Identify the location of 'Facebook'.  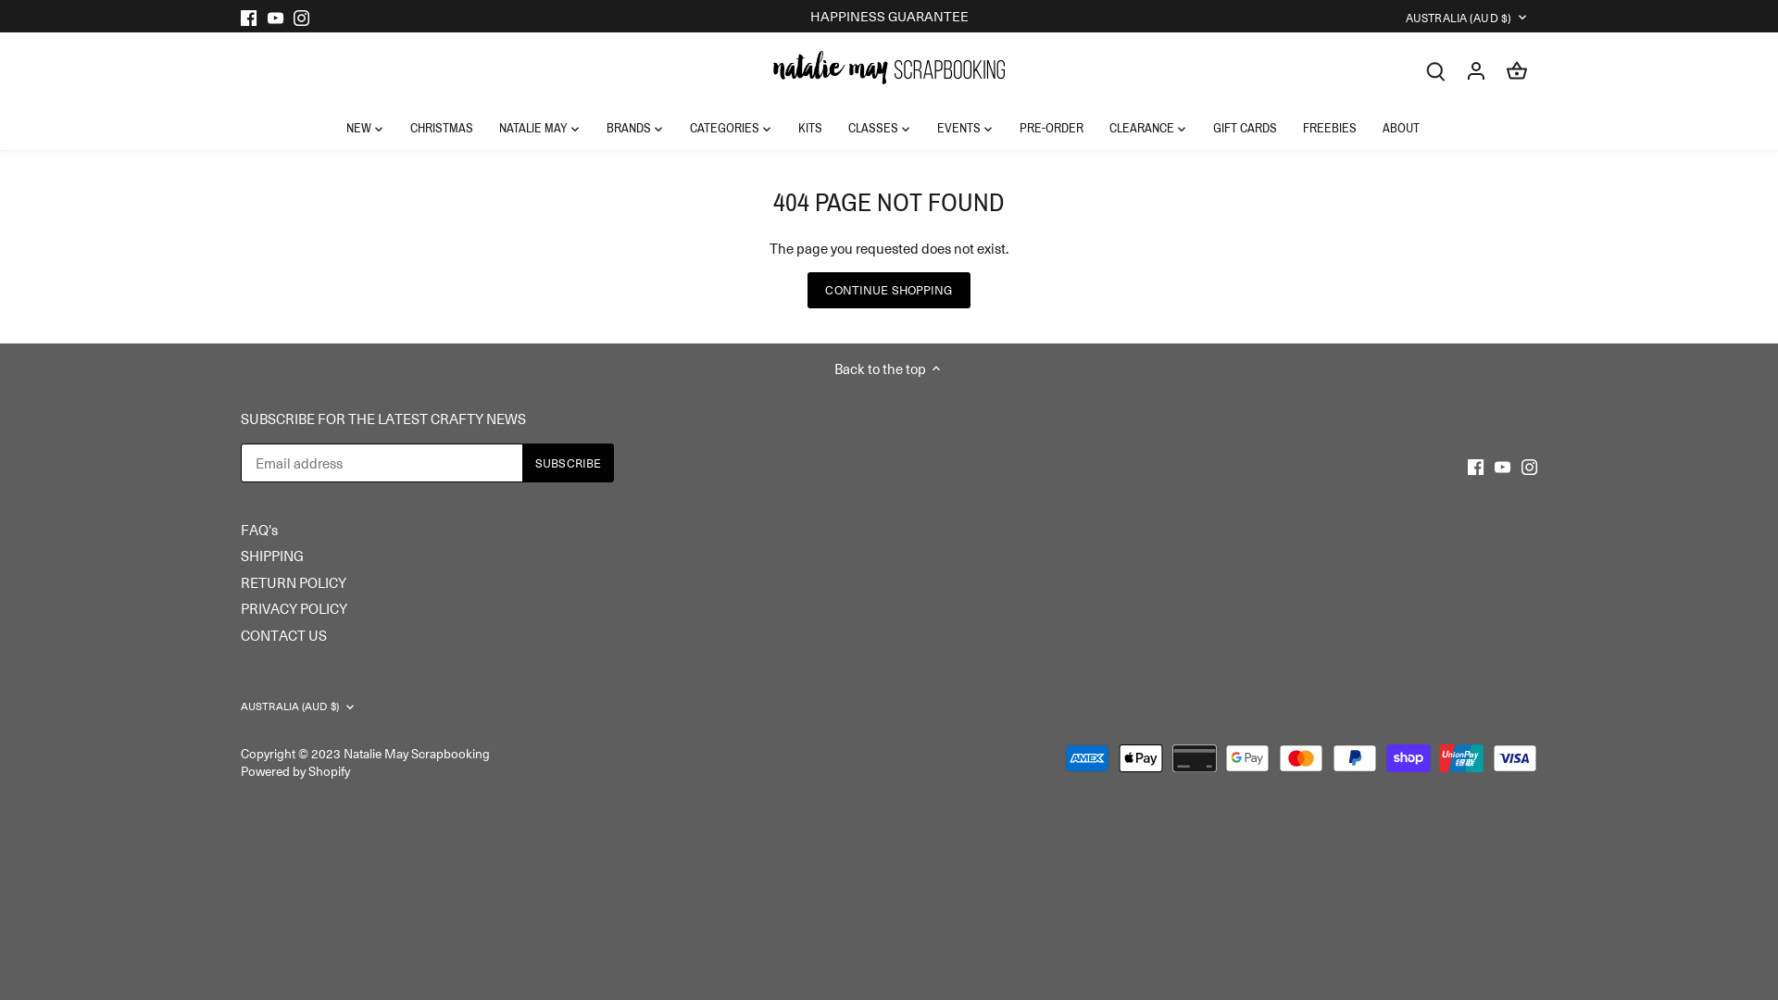
(1474, 464).